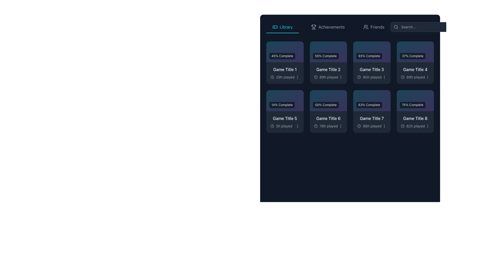  I want to click on text information displayed within the Text and Icon Group labeled 'Game Title 3' with '80h played', located in the rightmost column of the second row of the game status grid, so click(372, 73).